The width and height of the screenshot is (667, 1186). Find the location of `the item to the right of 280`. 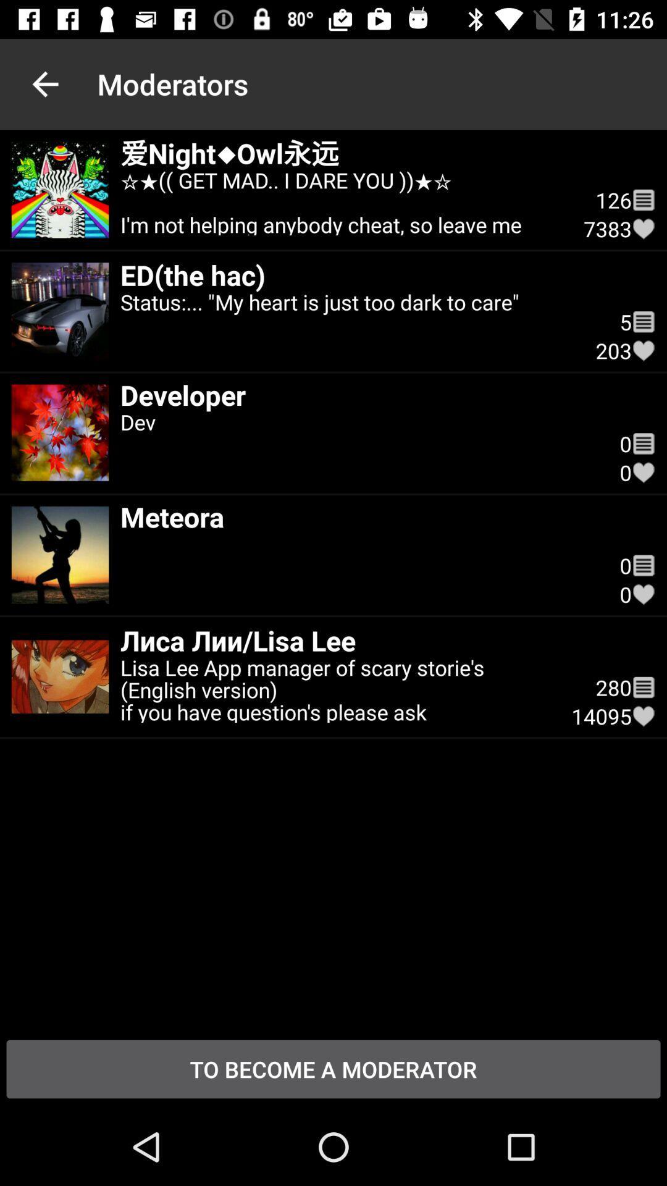

the item to the right of 280 is located at coordinates (643, 716).